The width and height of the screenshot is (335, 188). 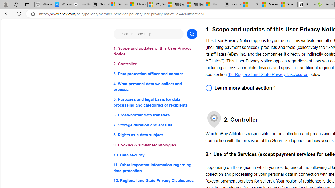 I want to click on '9. Cookies & similar technologies', so click(x=155, y=145).